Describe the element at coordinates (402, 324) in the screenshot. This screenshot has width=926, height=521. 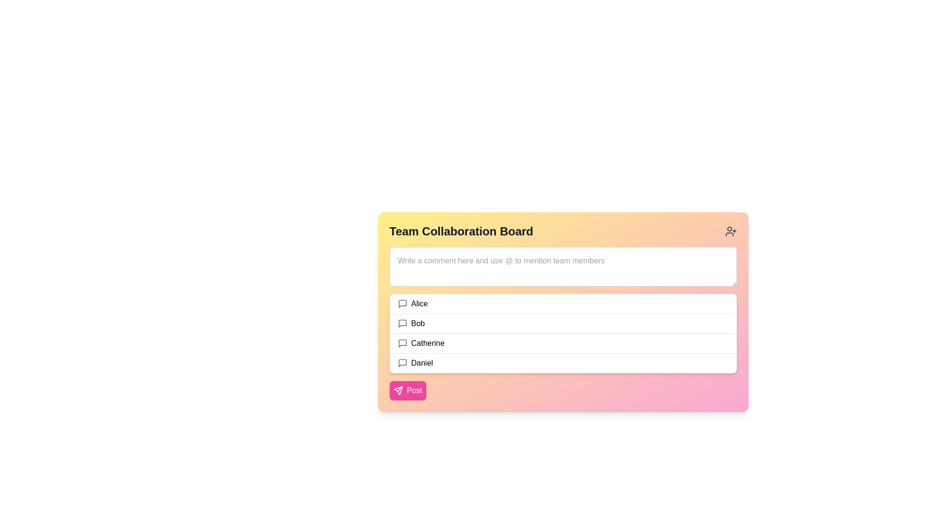
I see `the chat bubble icon next to the name 'Bob' in the 'Team Collaboration Board' section` at that location.